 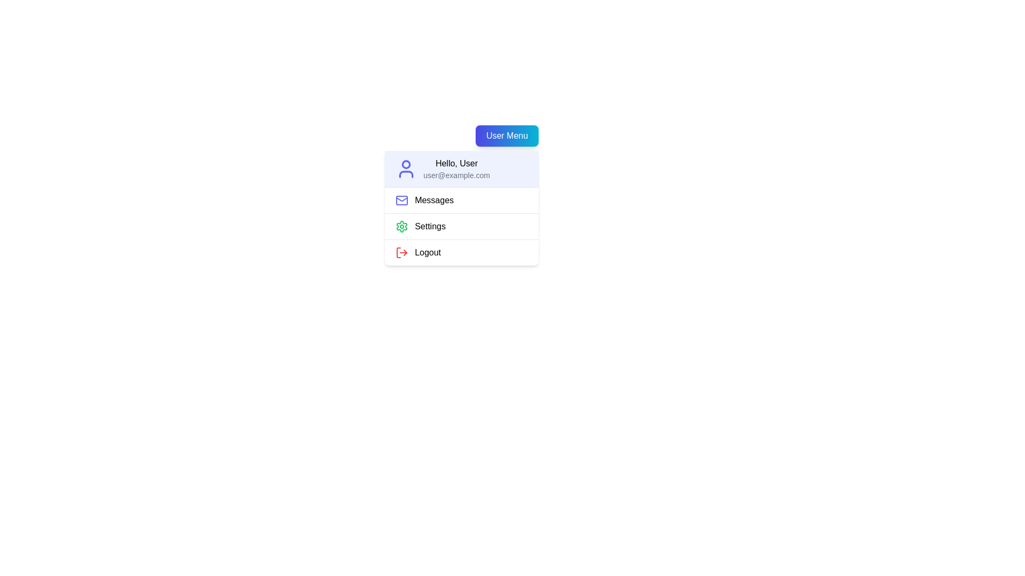 What do you see at coordinates (462, 200) in the screenshot?
I see `the menu item Messages` at bounding box center [462, 200].